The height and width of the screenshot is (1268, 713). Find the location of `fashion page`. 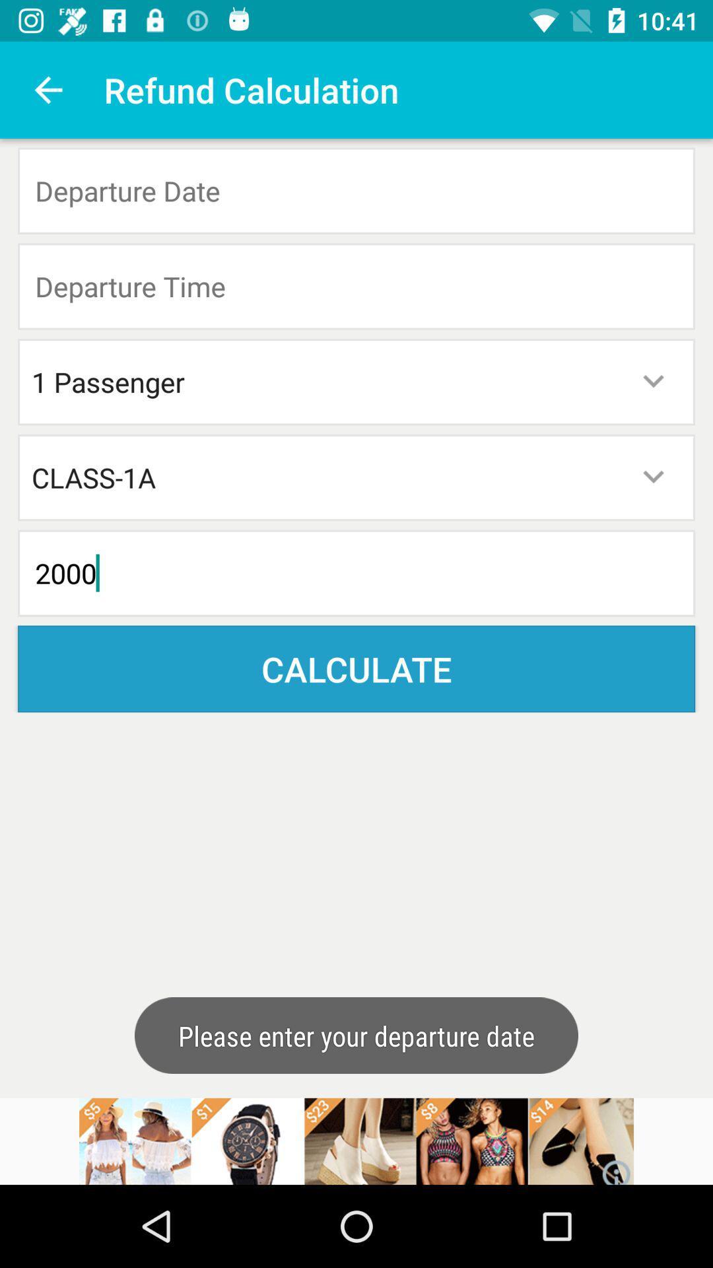

fashion page is located at coordinates (356, 1141).